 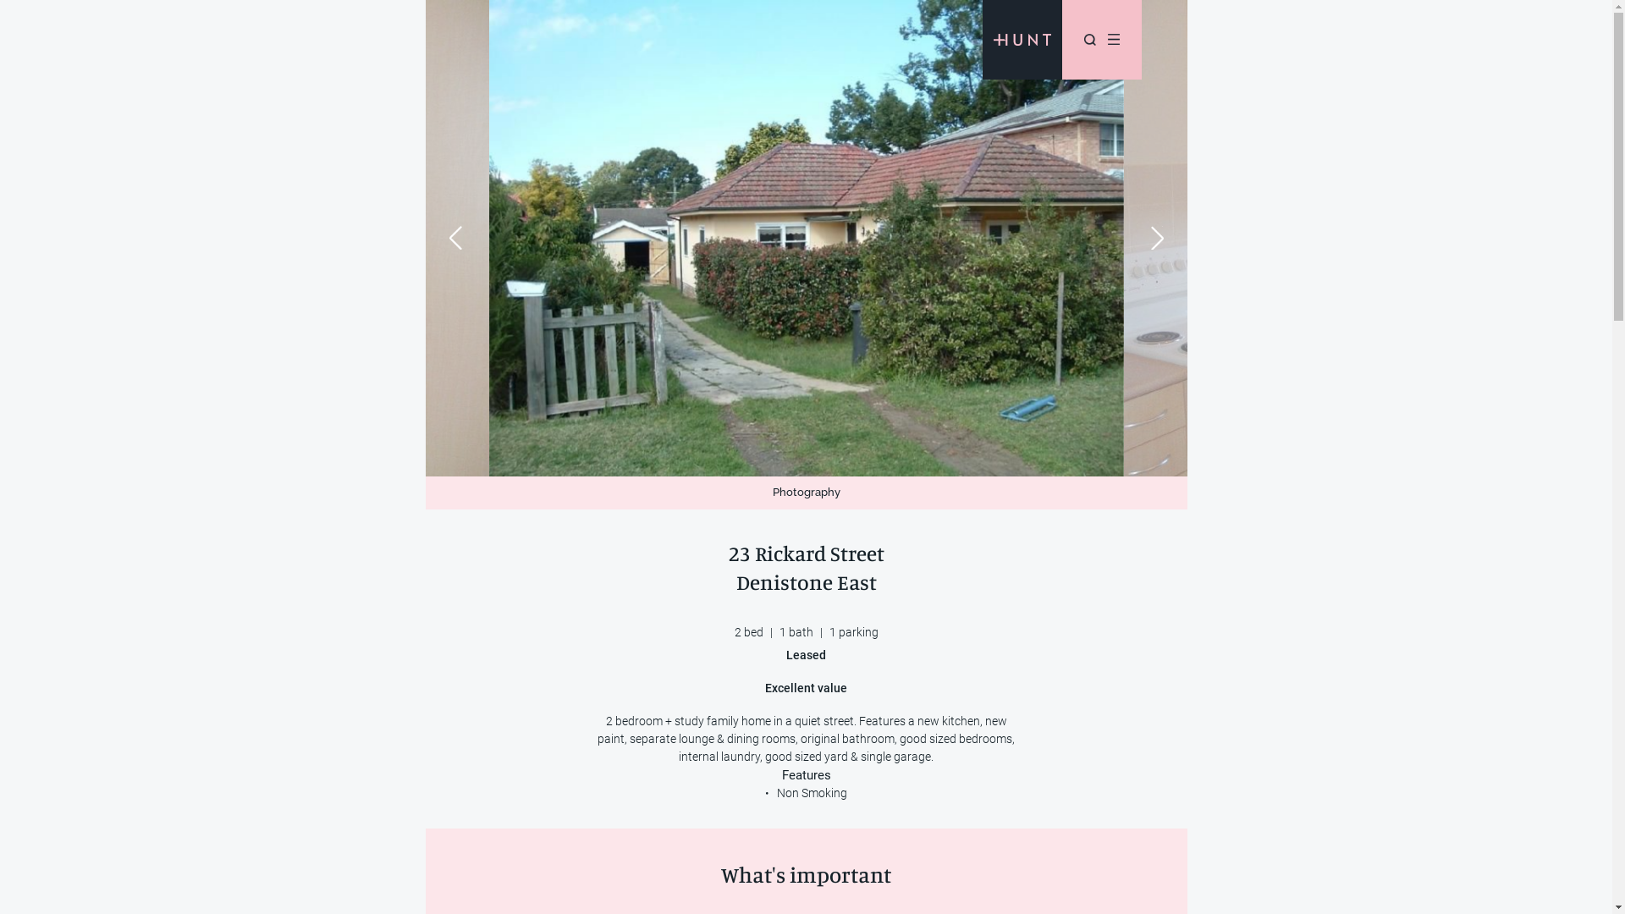 What do you see at coordinates (1113, 38) in the screenshot?
I see `'Open main menu'` at bounding box center [1113, 38].